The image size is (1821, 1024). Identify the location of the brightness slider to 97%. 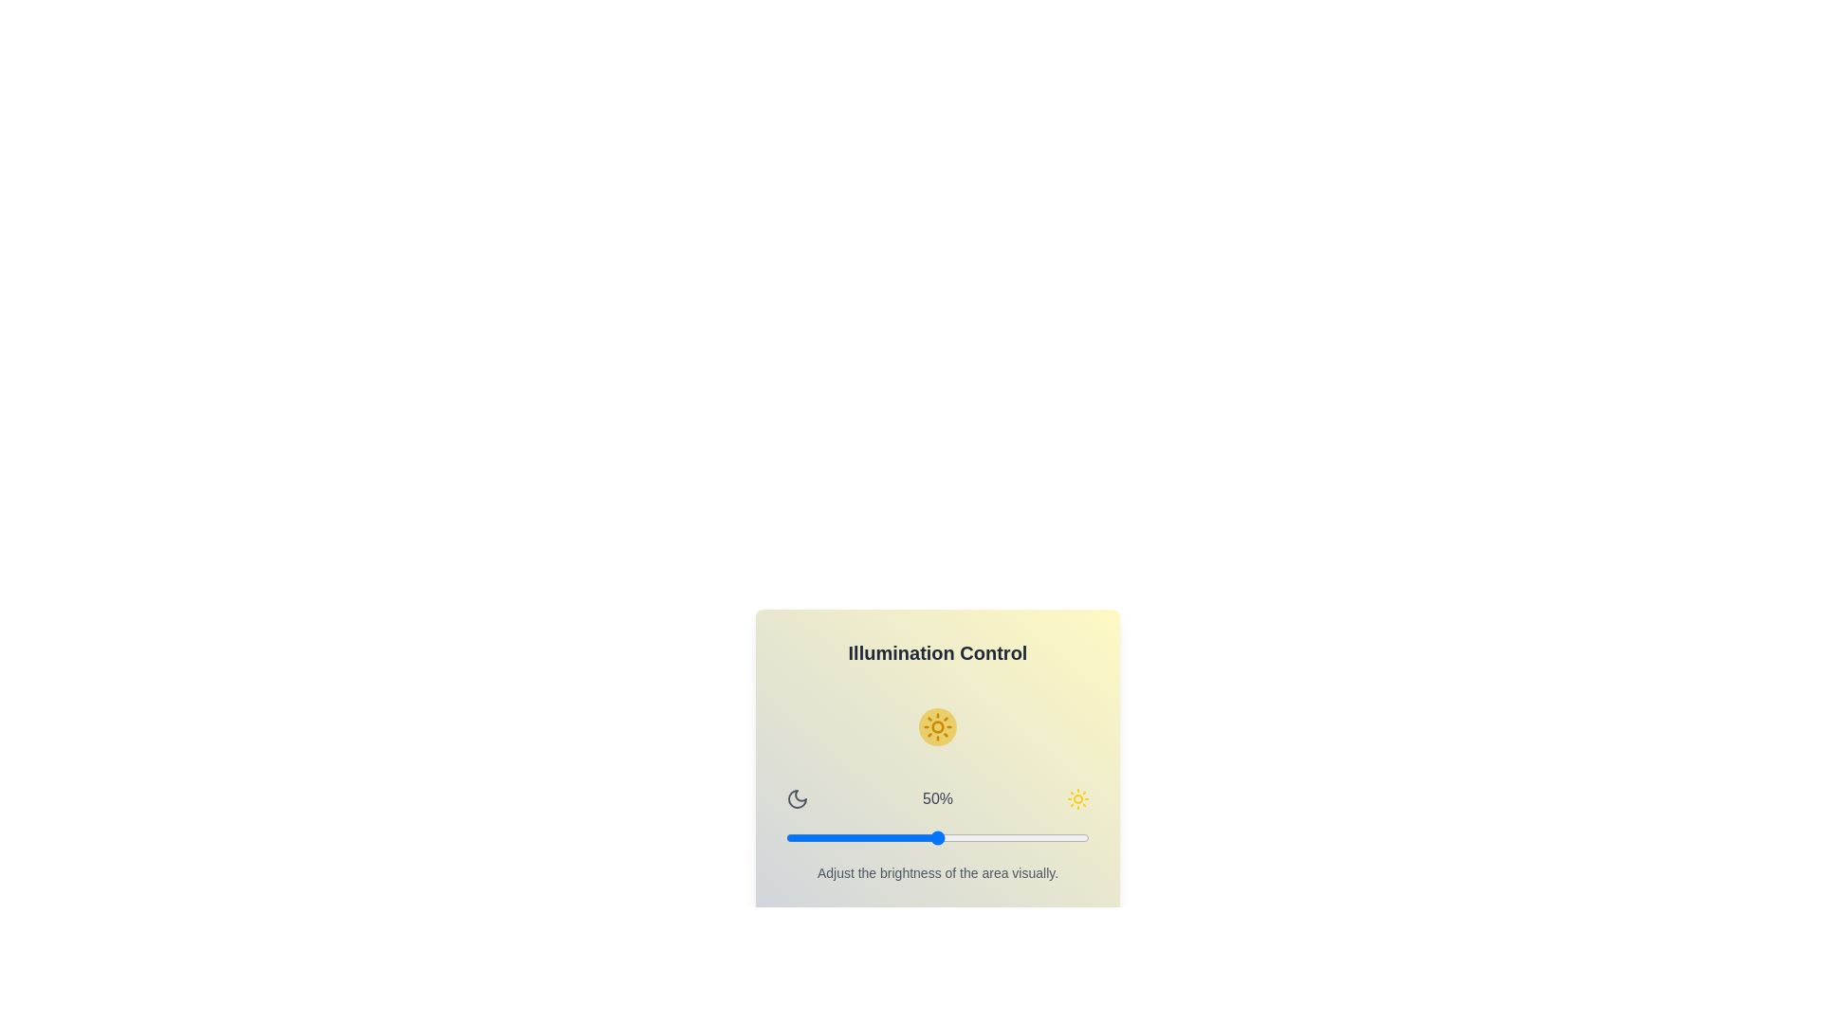
(1080, 836).